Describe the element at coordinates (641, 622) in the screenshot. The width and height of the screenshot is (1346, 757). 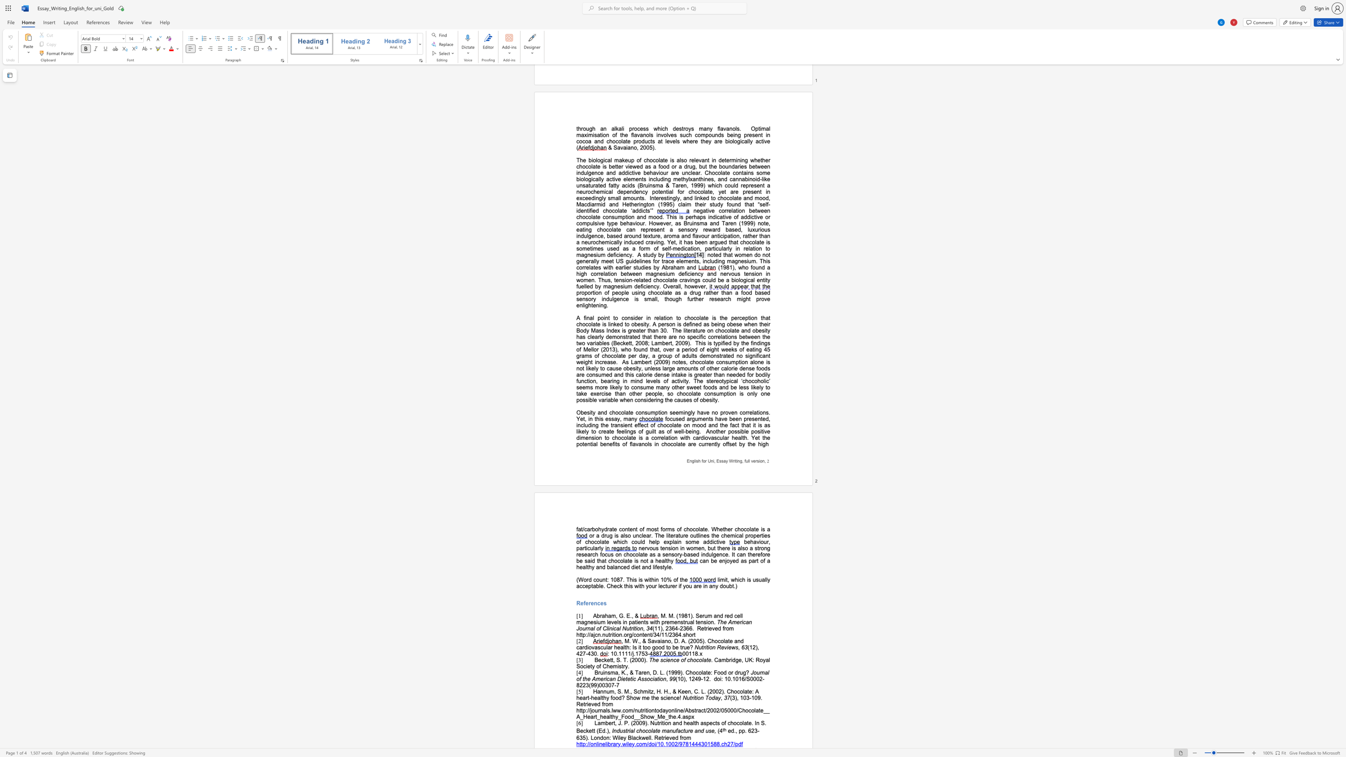
I see `the subset text "nts wit" within the text ", M. M. (1981). Serum and red cell magnesium levels in patients with premenstrual tension."` at that location.